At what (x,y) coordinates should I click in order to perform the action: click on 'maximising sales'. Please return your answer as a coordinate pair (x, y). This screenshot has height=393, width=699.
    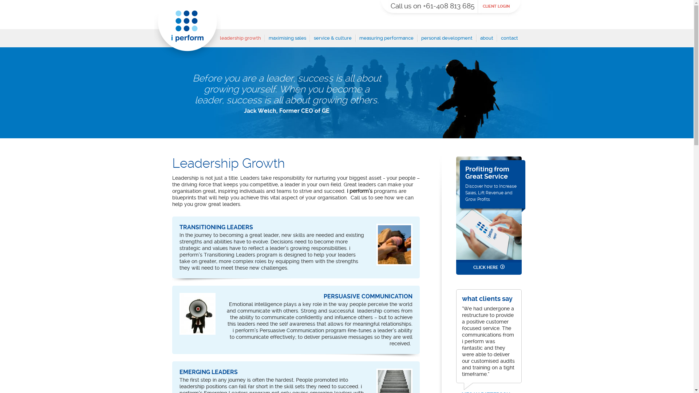
    Looking at the image, I should click on (287, 41).